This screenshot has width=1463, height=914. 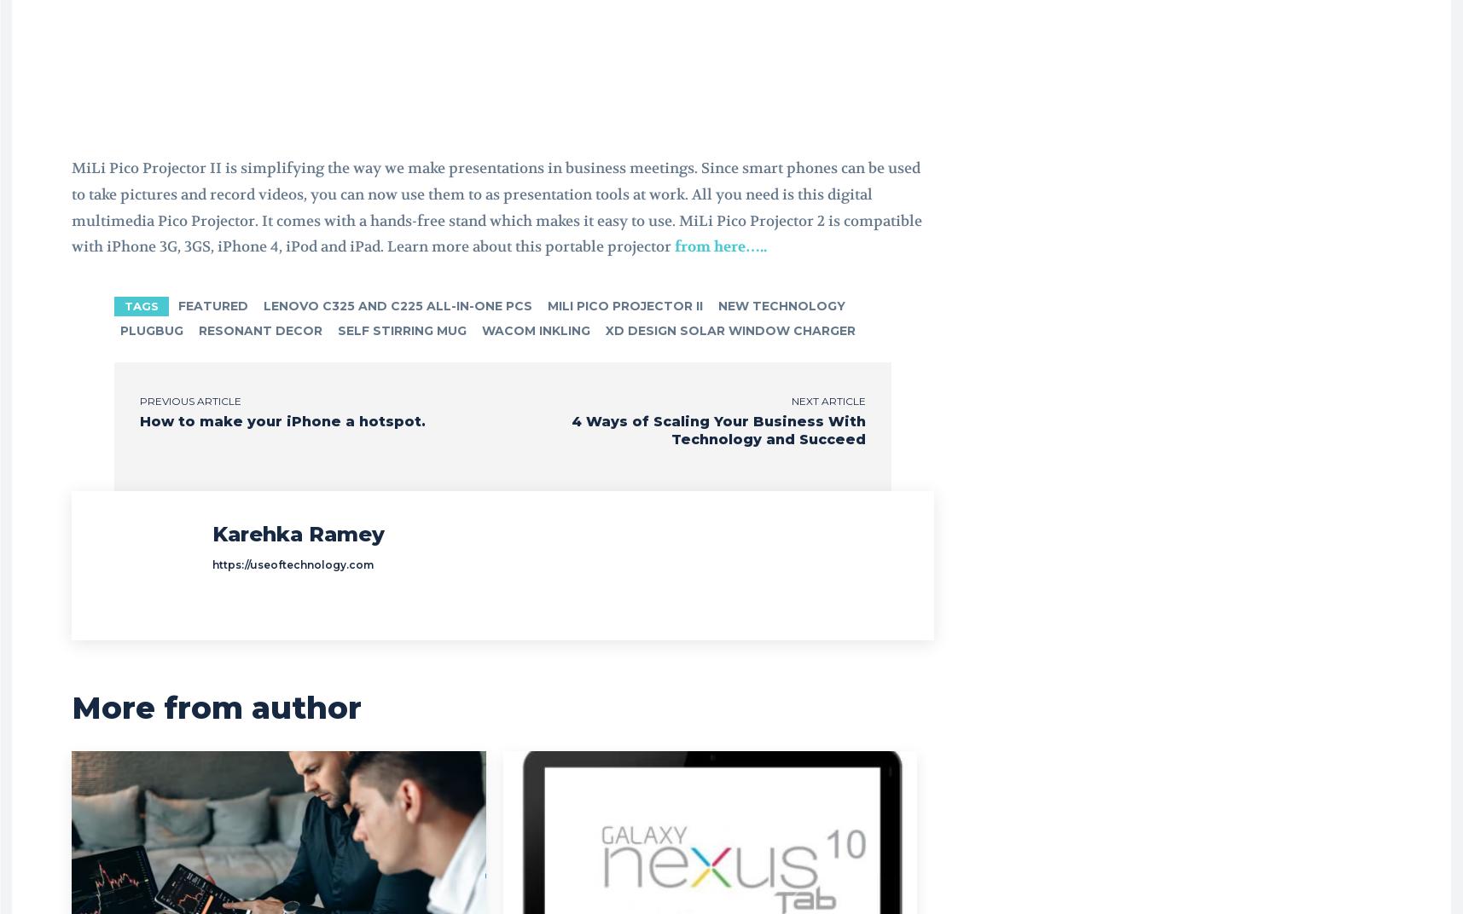 What do you see at coordinates (259, 329) in the screenshot?
I see `'Resonant Decor'` at bounding box center [259, 329].